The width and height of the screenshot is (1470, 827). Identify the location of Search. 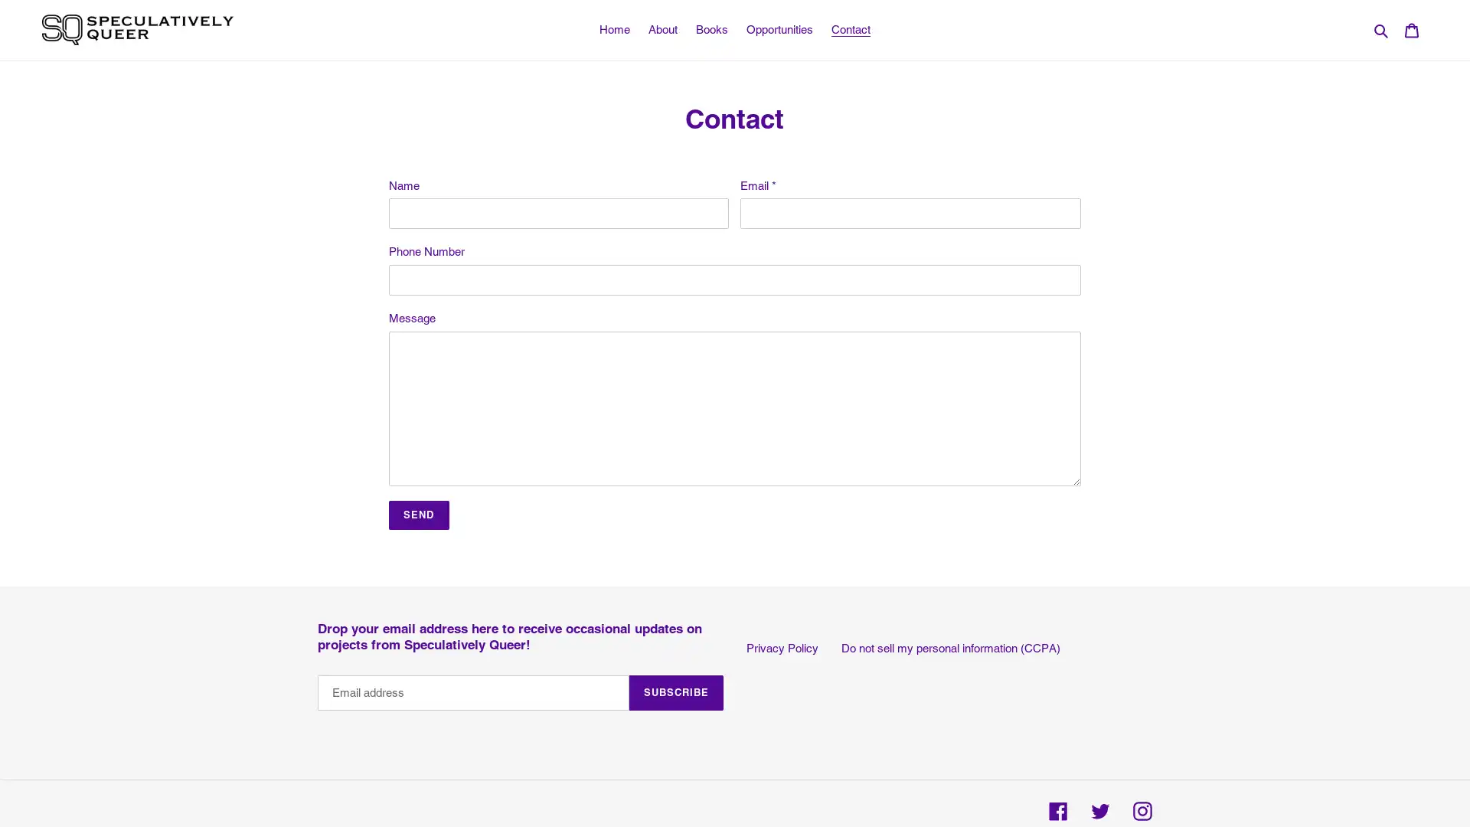
(1382, 29).